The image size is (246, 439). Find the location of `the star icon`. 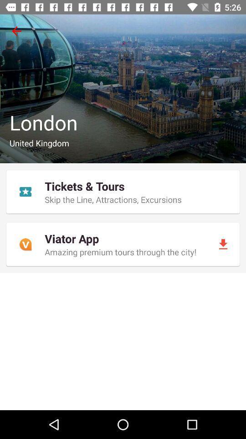

the star icon is located at coordinates (25, 191).